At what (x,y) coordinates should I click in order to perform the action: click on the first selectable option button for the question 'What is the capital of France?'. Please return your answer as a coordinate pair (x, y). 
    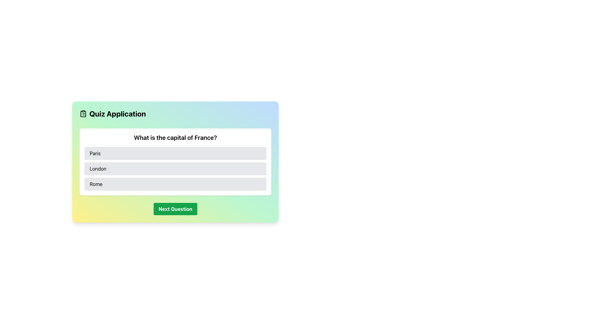
    Looking at the image, I should click on (175, 153).